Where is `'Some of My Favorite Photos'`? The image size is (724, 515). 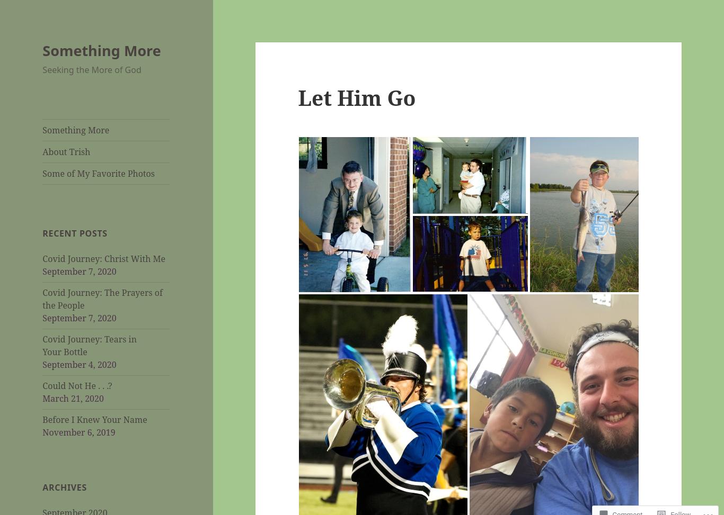 'Some of My Favorite Photos' is located at coordinates (98, 173).